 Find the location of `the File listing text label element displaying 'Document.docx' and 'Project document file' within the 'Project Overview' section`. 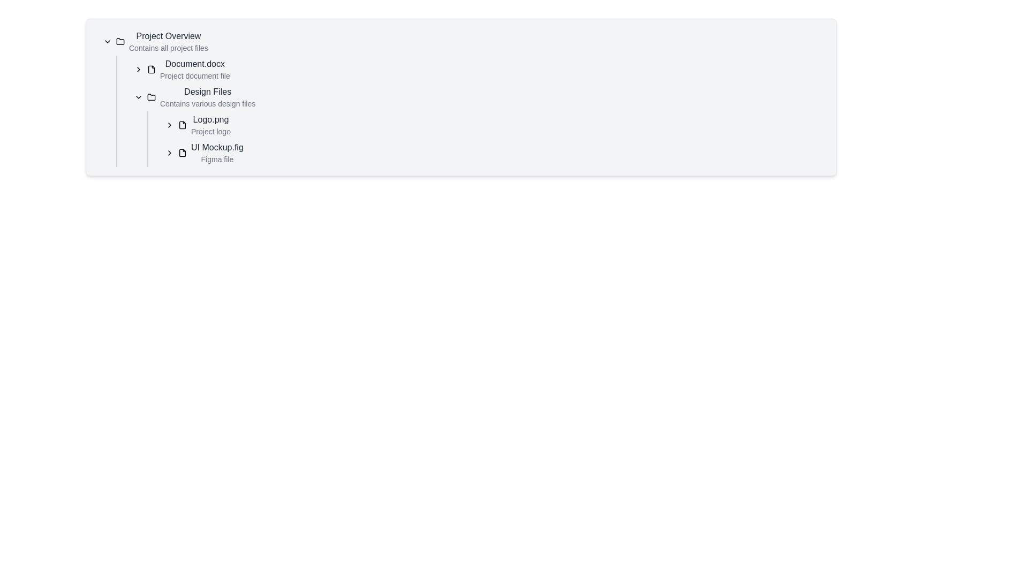

the File listing text label element displaying 'Document.docx' and 'Project document file' within the 'Project Overview' section is located at coordinates (195, 70).